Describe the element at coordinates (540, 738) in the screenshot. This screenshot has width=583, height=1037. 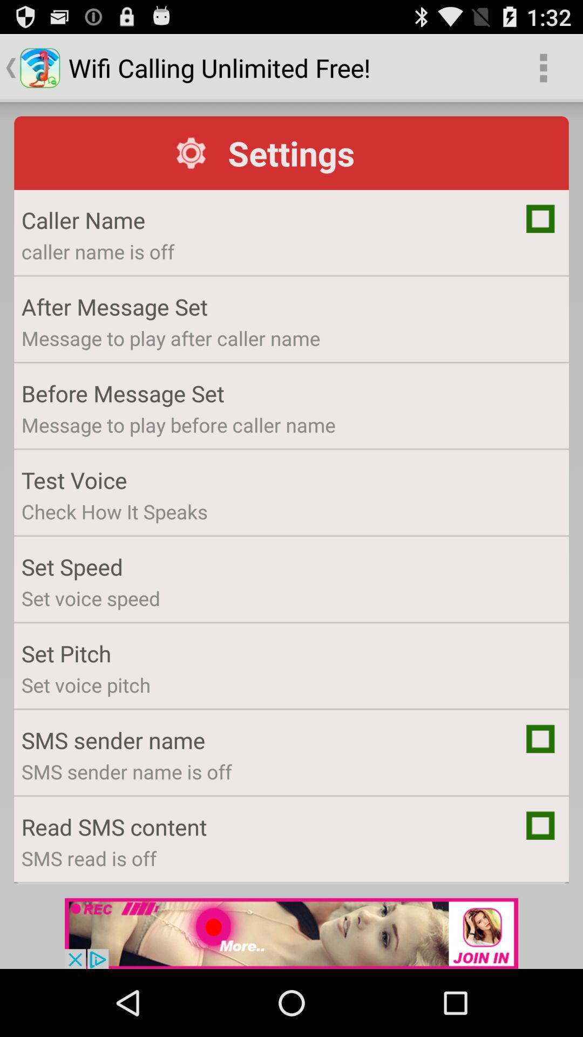
I see `check the box` at that location.